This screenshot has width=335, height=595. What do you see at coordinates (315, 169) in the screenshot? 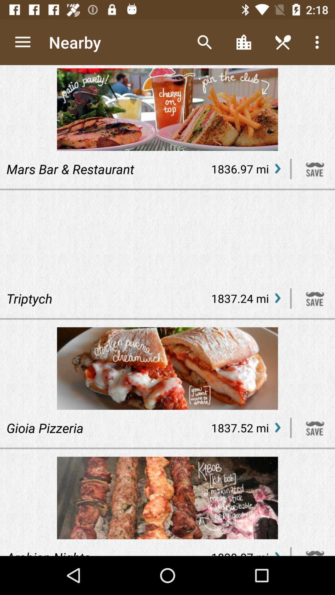
I see `restaurant` at bounding box center [315, 169].